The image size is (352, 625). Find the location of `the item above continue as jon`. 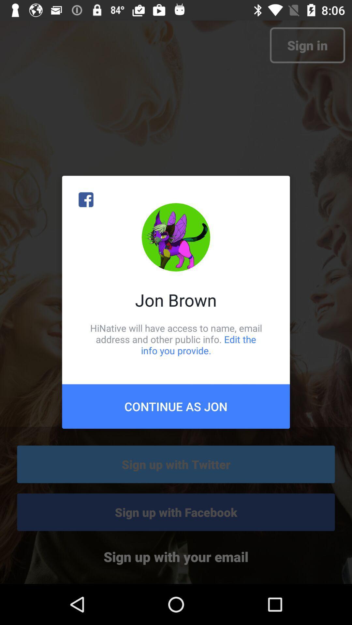

the item above continue as jon is located at coordinates (176, 339).